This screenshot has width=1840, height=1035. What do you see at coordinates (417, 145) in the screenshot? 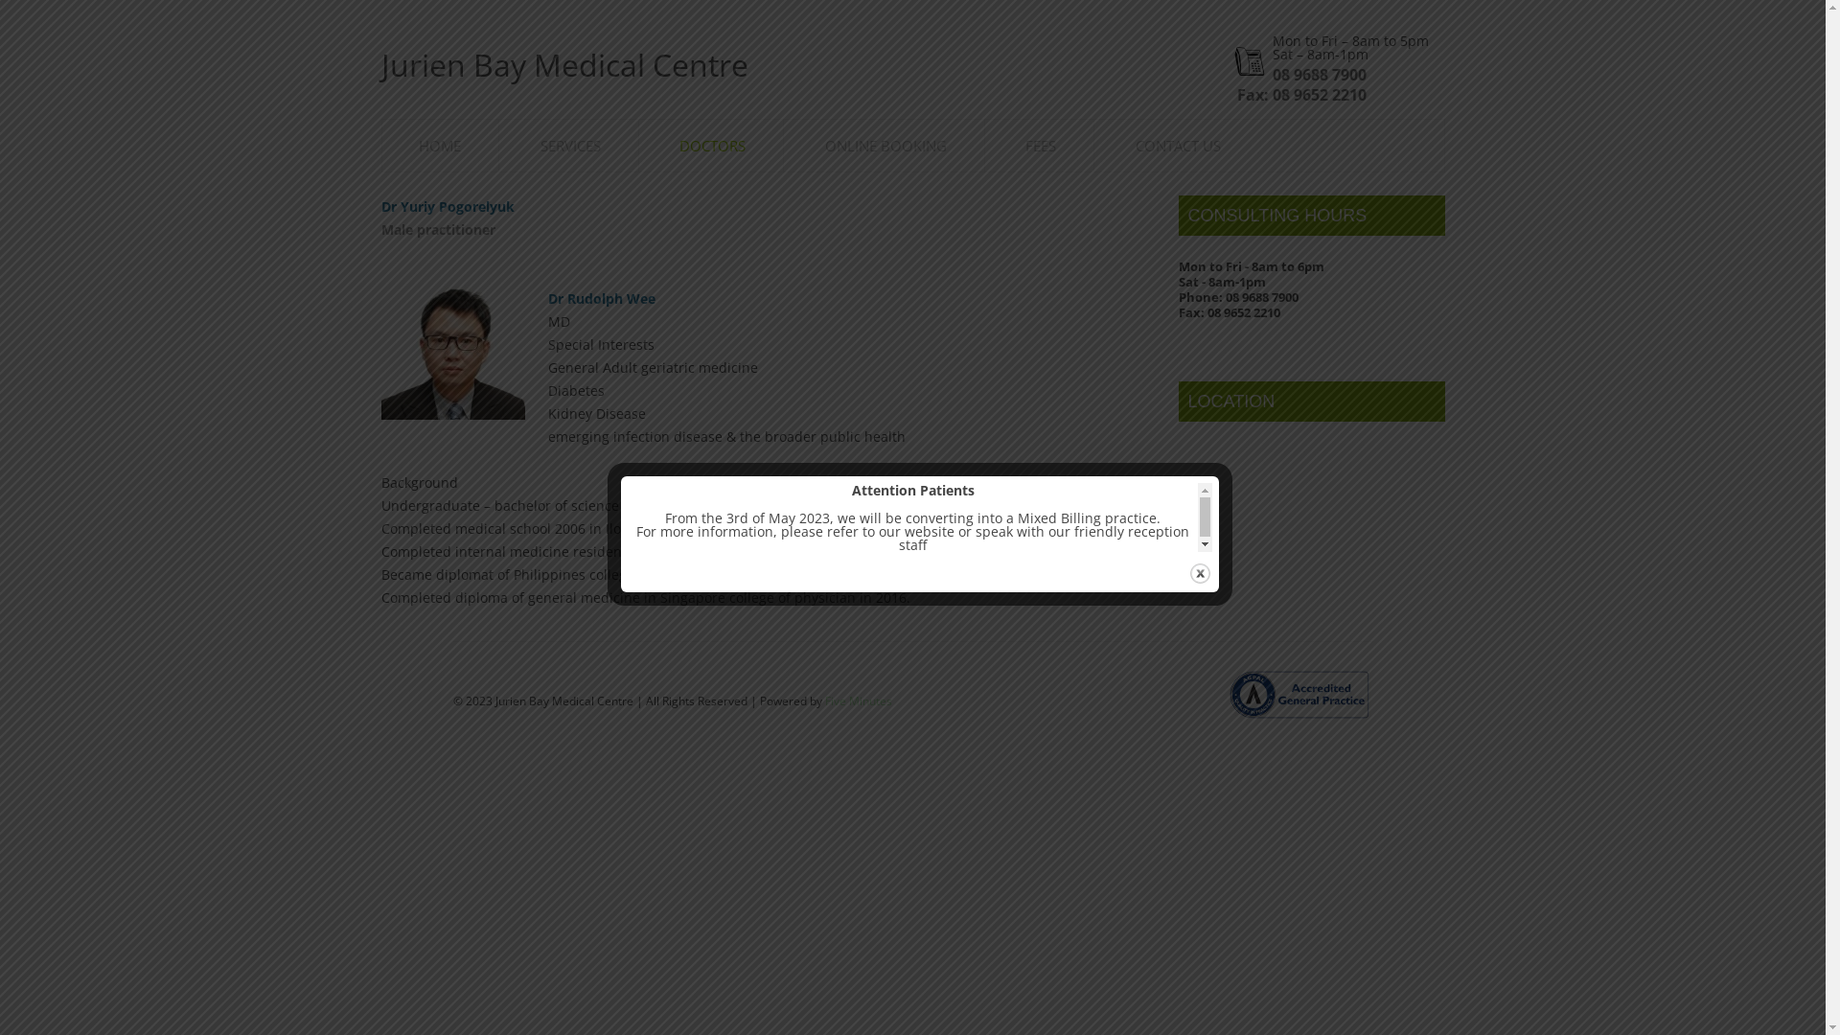
I see `'HOME'` at bounding box center [417, 145].